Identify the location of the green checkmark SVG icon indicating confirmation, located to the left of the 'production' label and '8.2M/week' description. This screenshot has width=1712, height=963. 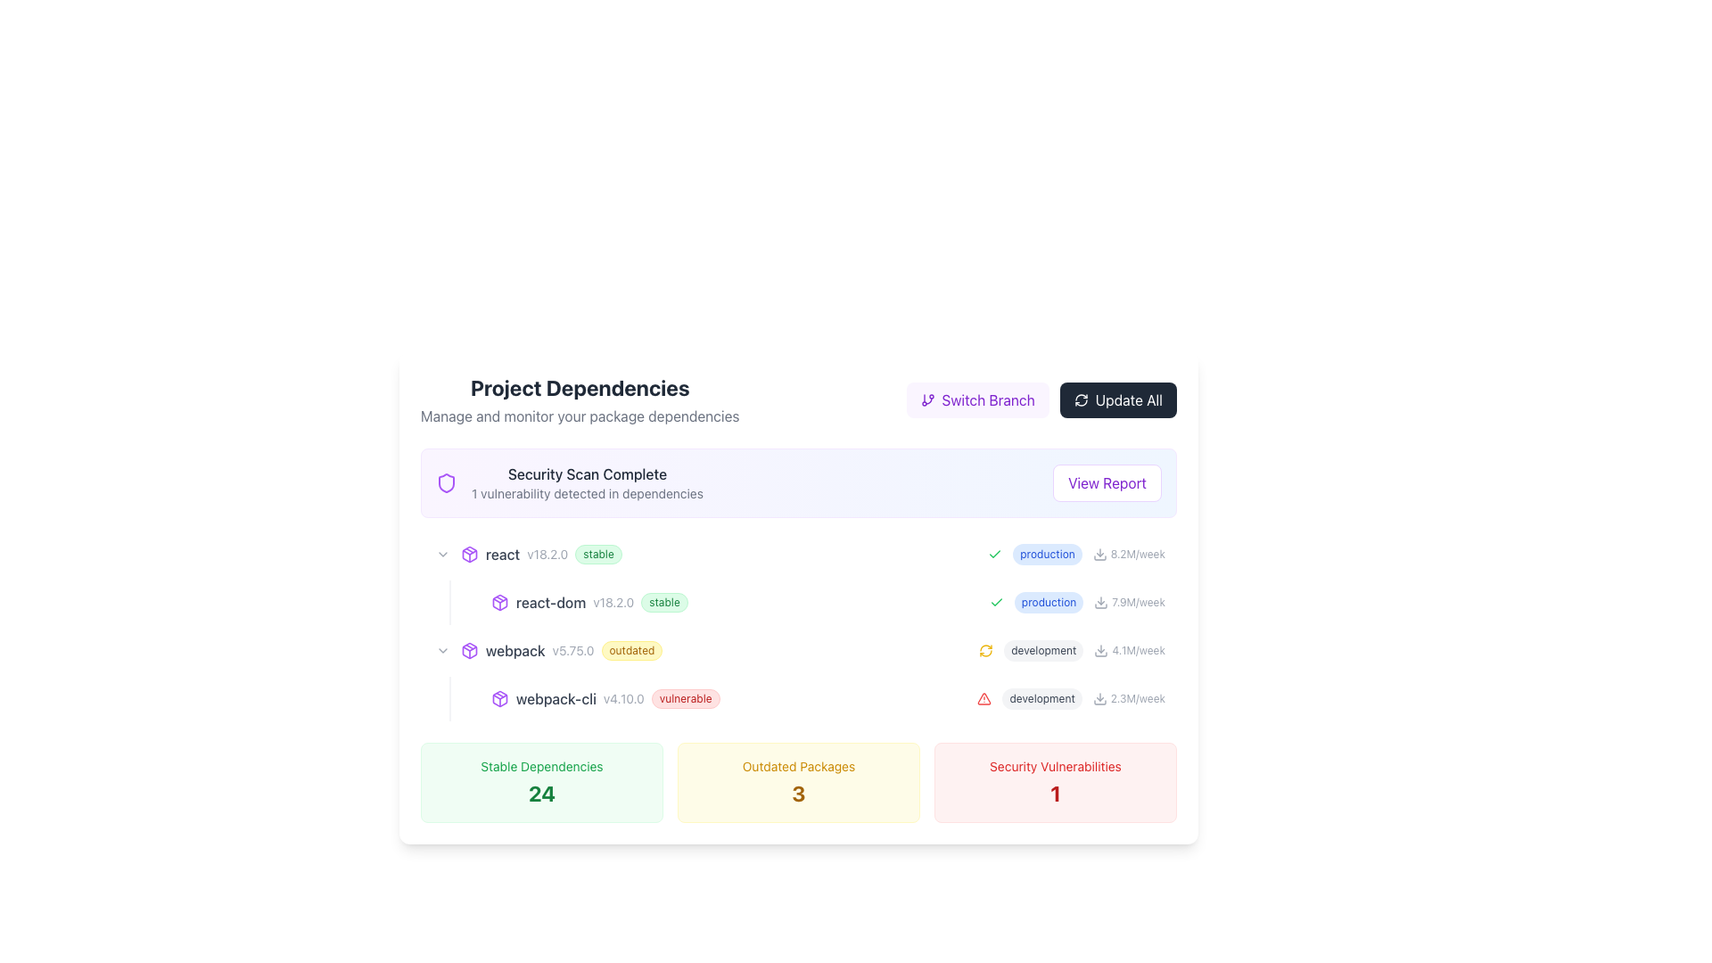
(994, 553).